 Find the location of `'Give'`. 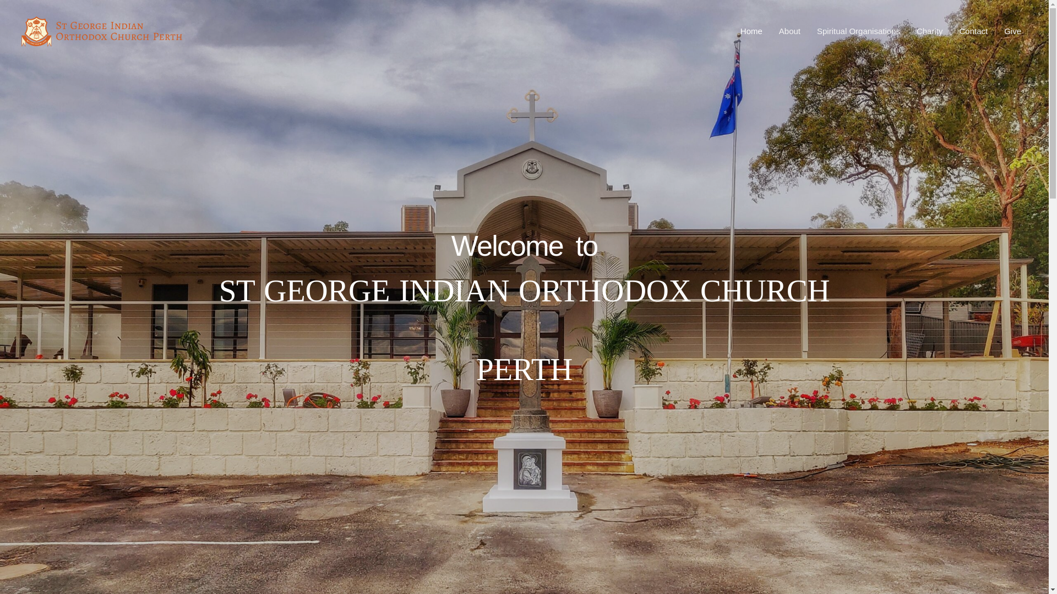

'Give' is located at coordinates (996, 31).